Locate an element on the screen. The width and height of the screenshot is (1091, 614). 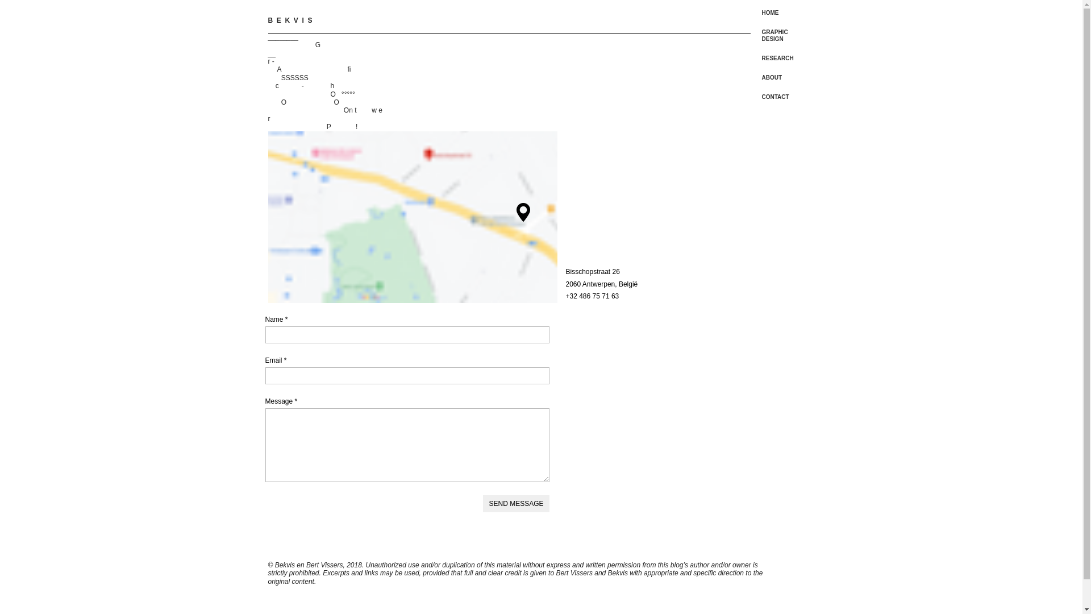
'GRAPHIC DESIGN' is located at coordinates (777, 35).